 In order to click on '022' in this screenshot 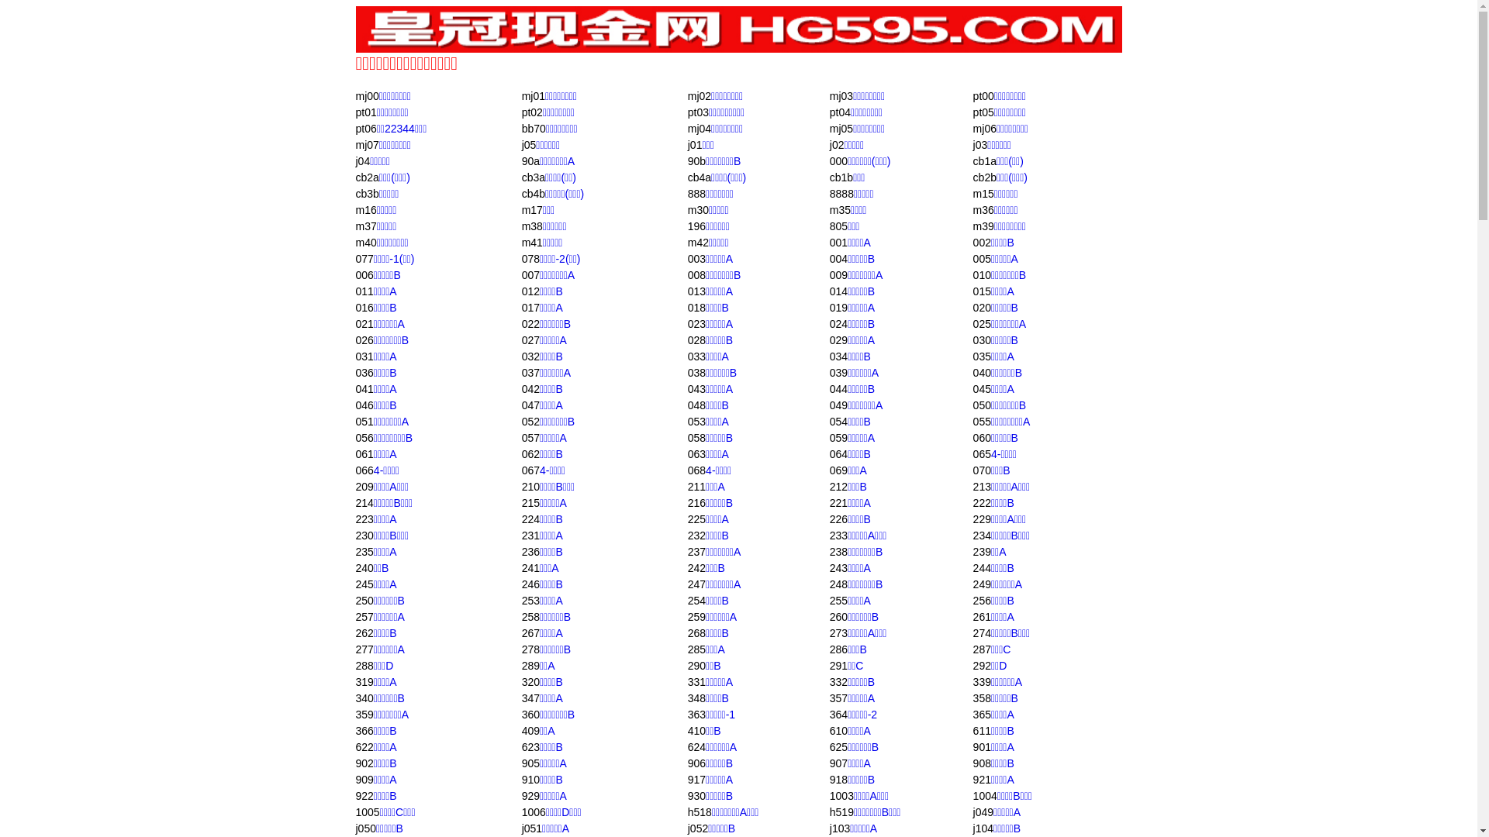, I will do `click(530, 322)`.